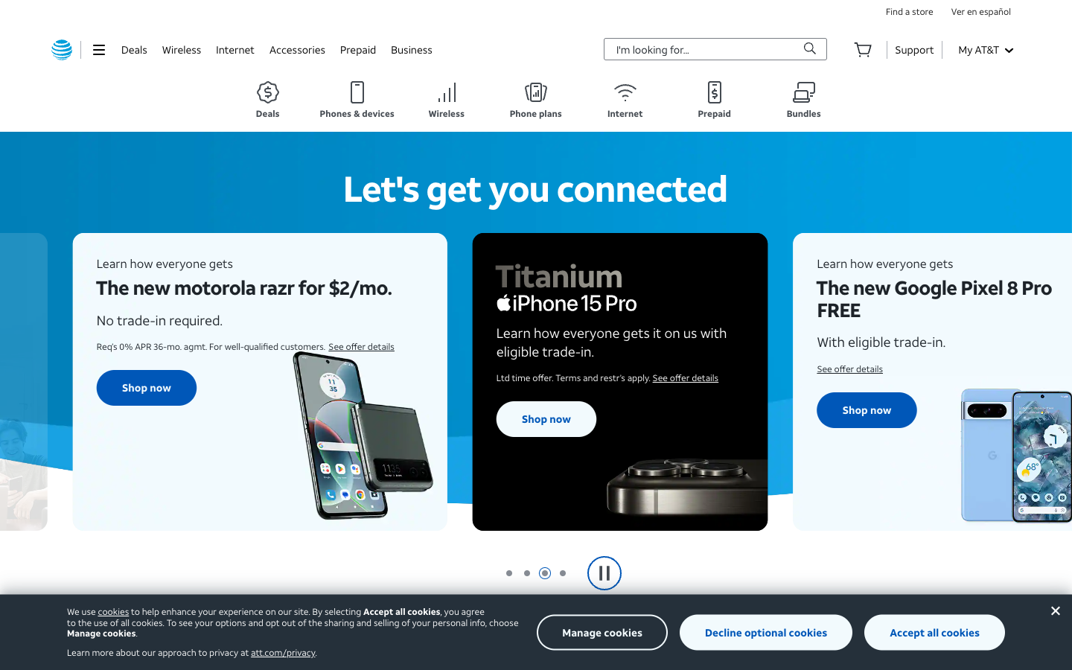  Describe the element at coordinates (984, 48) in the screenshot. I see `the second feature of the My AT&T portal` at that location.